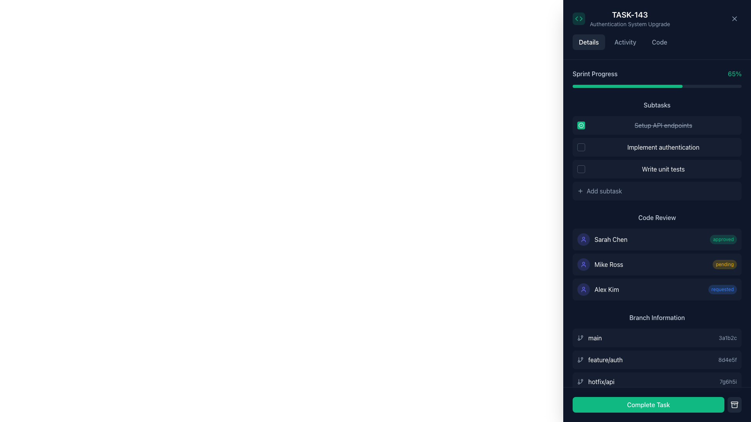  Describe the element at coordinates (584, 289) in the screenshot. I see `the user avatar representing 'Alex Kim'` at that location.